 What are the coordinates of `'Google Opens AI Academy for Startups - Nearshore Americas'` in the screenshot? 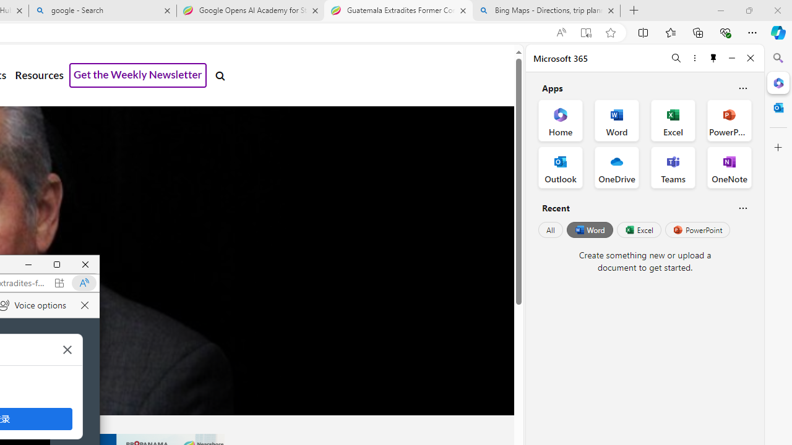 It's located at (249, 11).